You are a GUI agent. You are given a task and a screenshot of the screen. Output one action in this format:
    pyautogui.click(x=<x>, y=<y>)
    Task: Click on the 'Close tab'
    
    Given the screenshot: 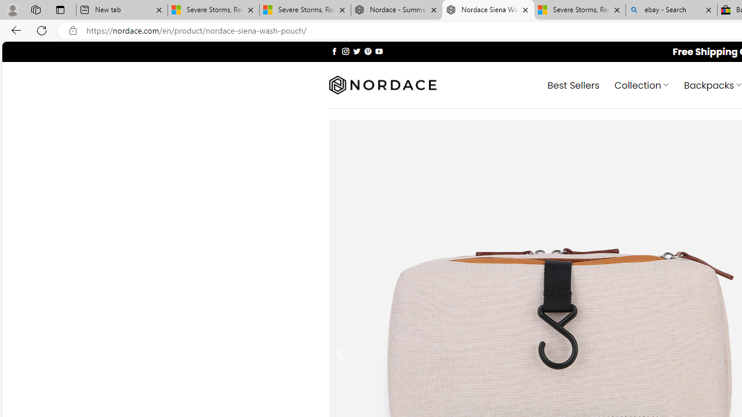 What is the action you would take?
    pyautogui.click(x=708, y=10)
    